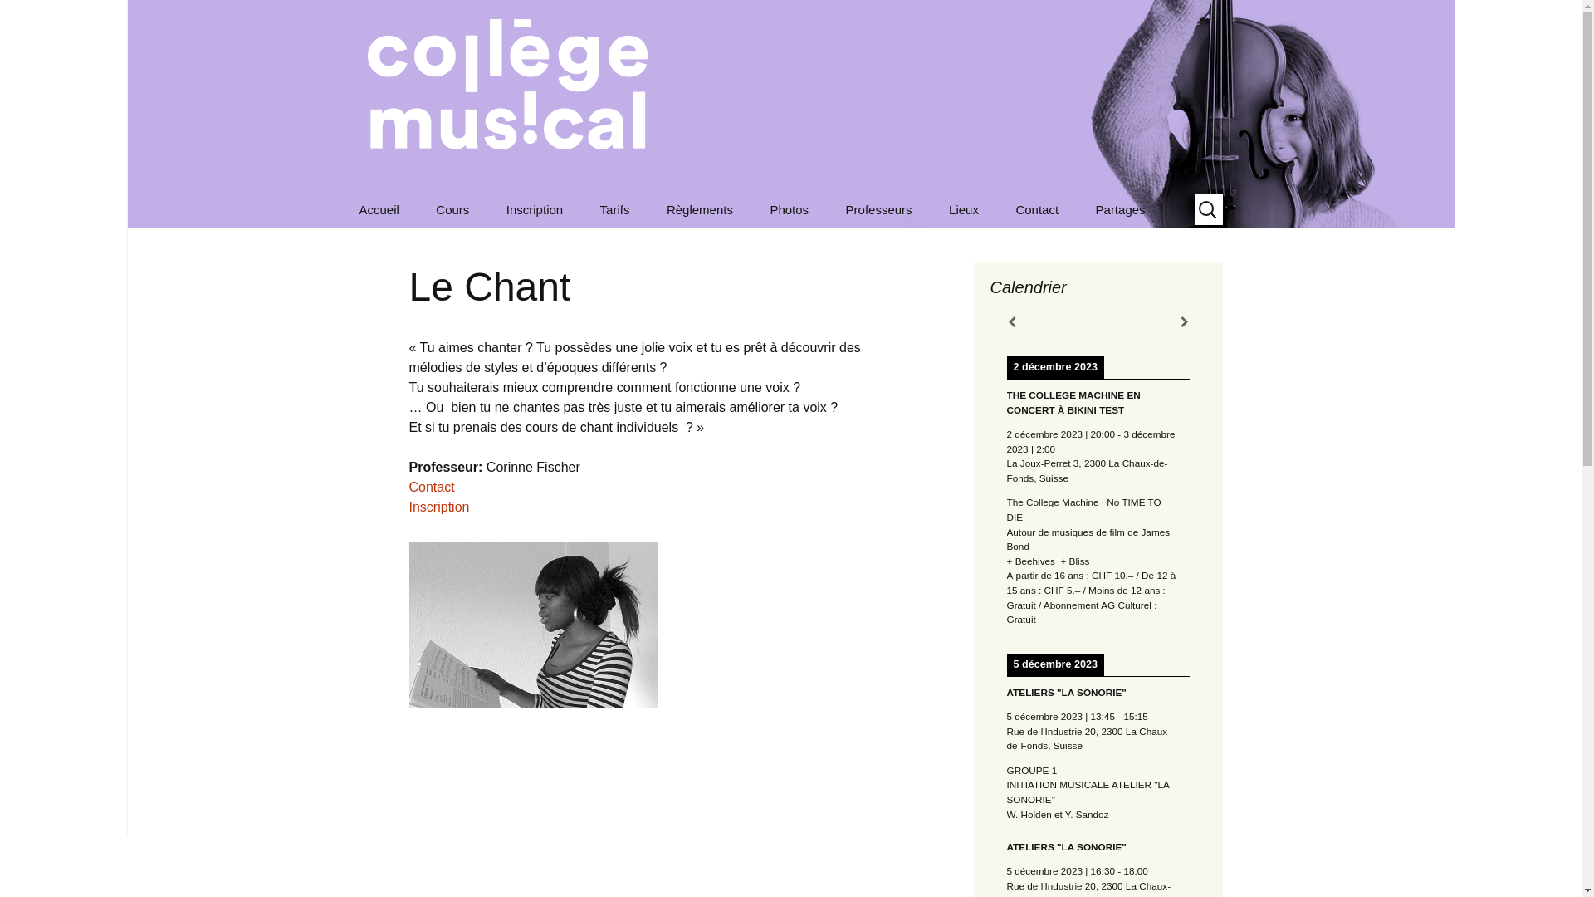 This screenshot has height=897, width=1594. I want to click on 'Tarifs', so click(614, 208).